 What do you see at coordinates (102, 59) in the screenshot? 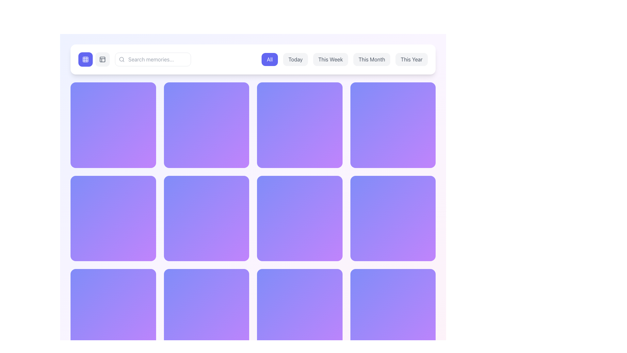
I see `the small rectangle icon with rounded corners located in the top-left of the interface near the search bar` at bounding box center [102, 59].